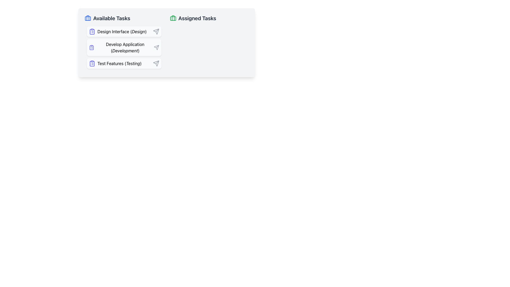 The image size is (510, 287). Describe the element at coordinates (124, 32) in the screenshot. I see `the first item in the 'Available Tasks' list` at that location.